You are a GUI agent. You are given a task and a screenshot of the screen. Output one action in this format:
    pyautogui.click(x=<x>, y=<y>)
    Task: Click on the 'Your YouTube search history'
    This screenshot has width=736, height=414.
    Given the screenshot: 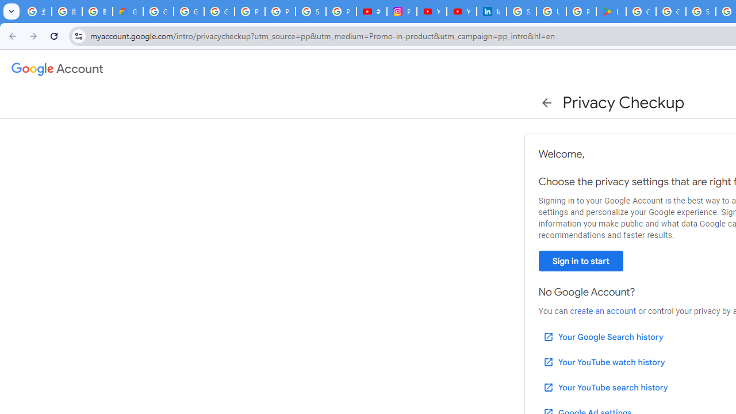 What is the action you would take?
    pyautogui.click(x=604, y=387)
    